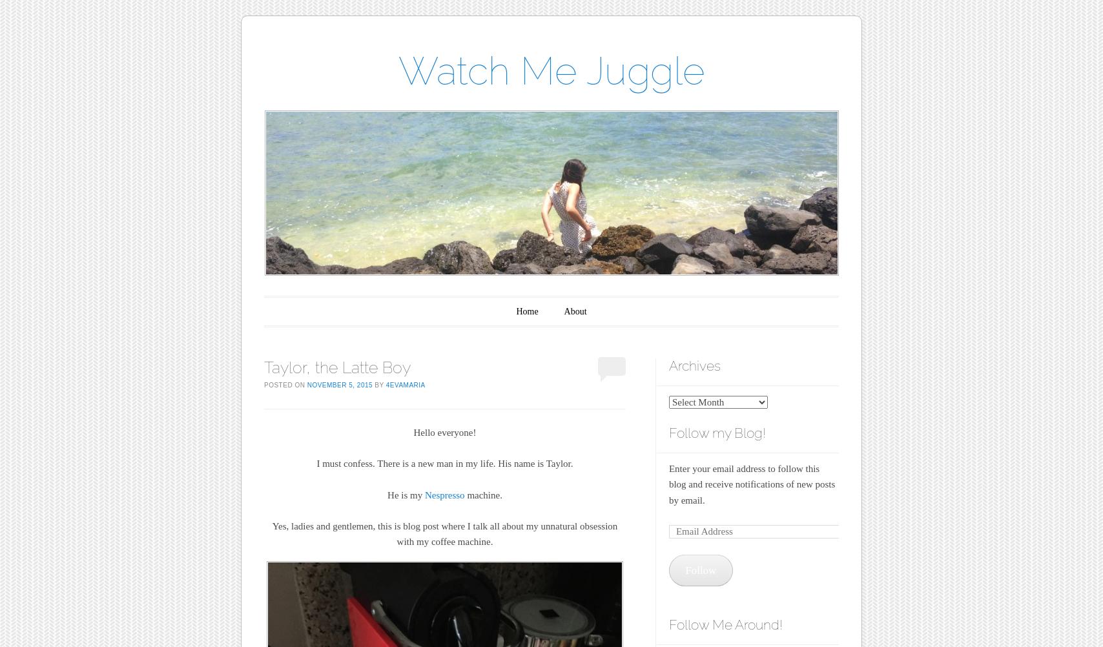  What do you see at coordinates (608, 366) in the screenshot?
I see `'0'` at bounding box center [608, 366].